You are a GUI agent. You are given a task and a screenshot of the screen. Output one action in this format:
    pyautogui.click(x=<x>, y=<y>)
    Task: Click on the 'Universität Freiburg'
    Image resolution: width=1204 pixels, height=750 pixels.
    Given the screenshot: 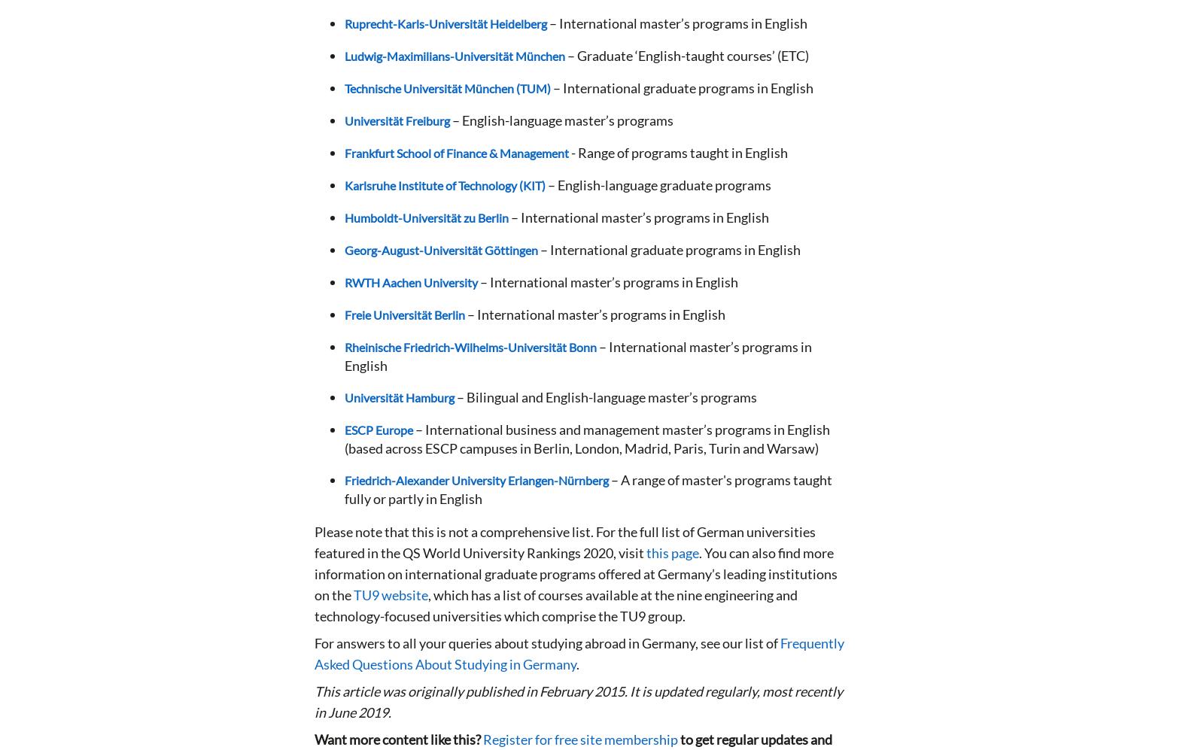 What is the action you would take?
    pyautogui.click(x=344, y=120)
    